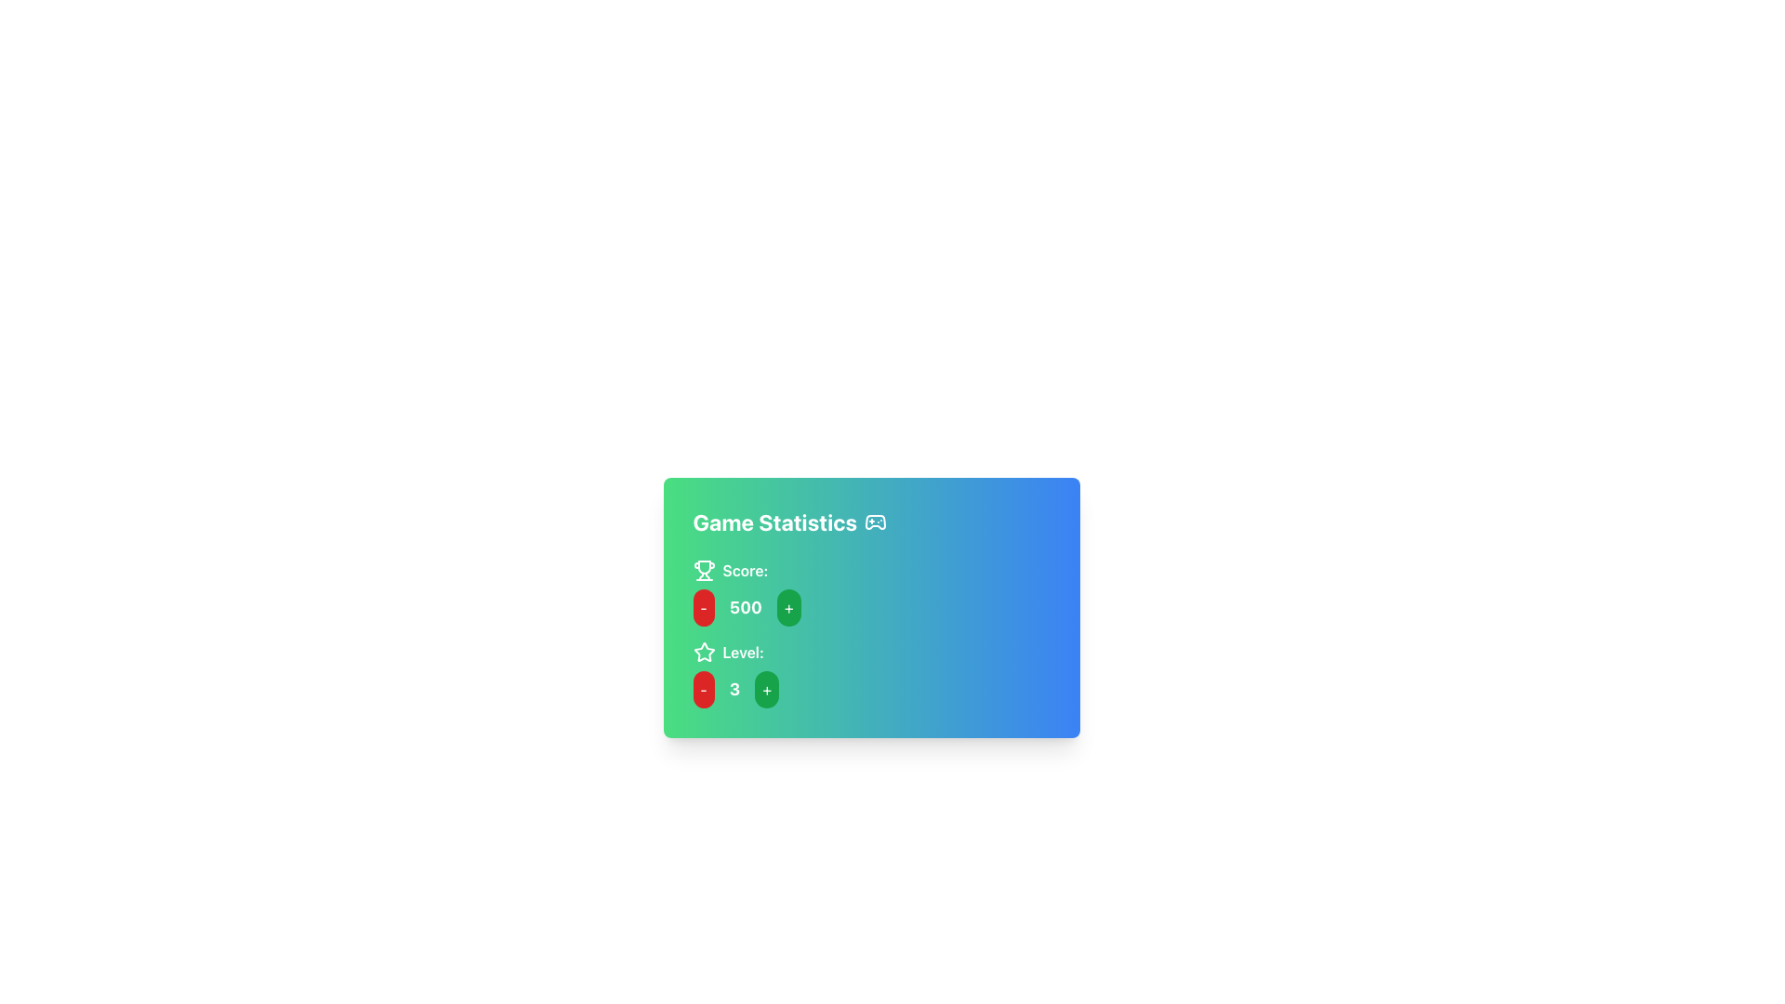 The image size is (1785, 1004). What do you see at coordinates (870, 689) in the screenshot?
I see `the green button marked '+' to increase the level in the level selector component within the 'Game Statistics' card` at bounding box center [870, 689].